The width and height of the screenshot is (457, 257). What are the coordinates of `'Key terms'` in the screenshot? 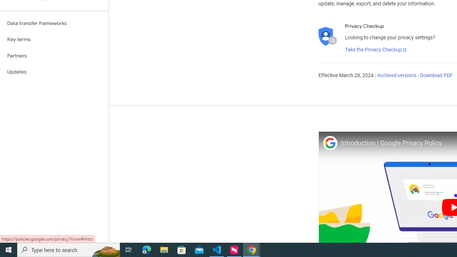 It's located at (54, 39).